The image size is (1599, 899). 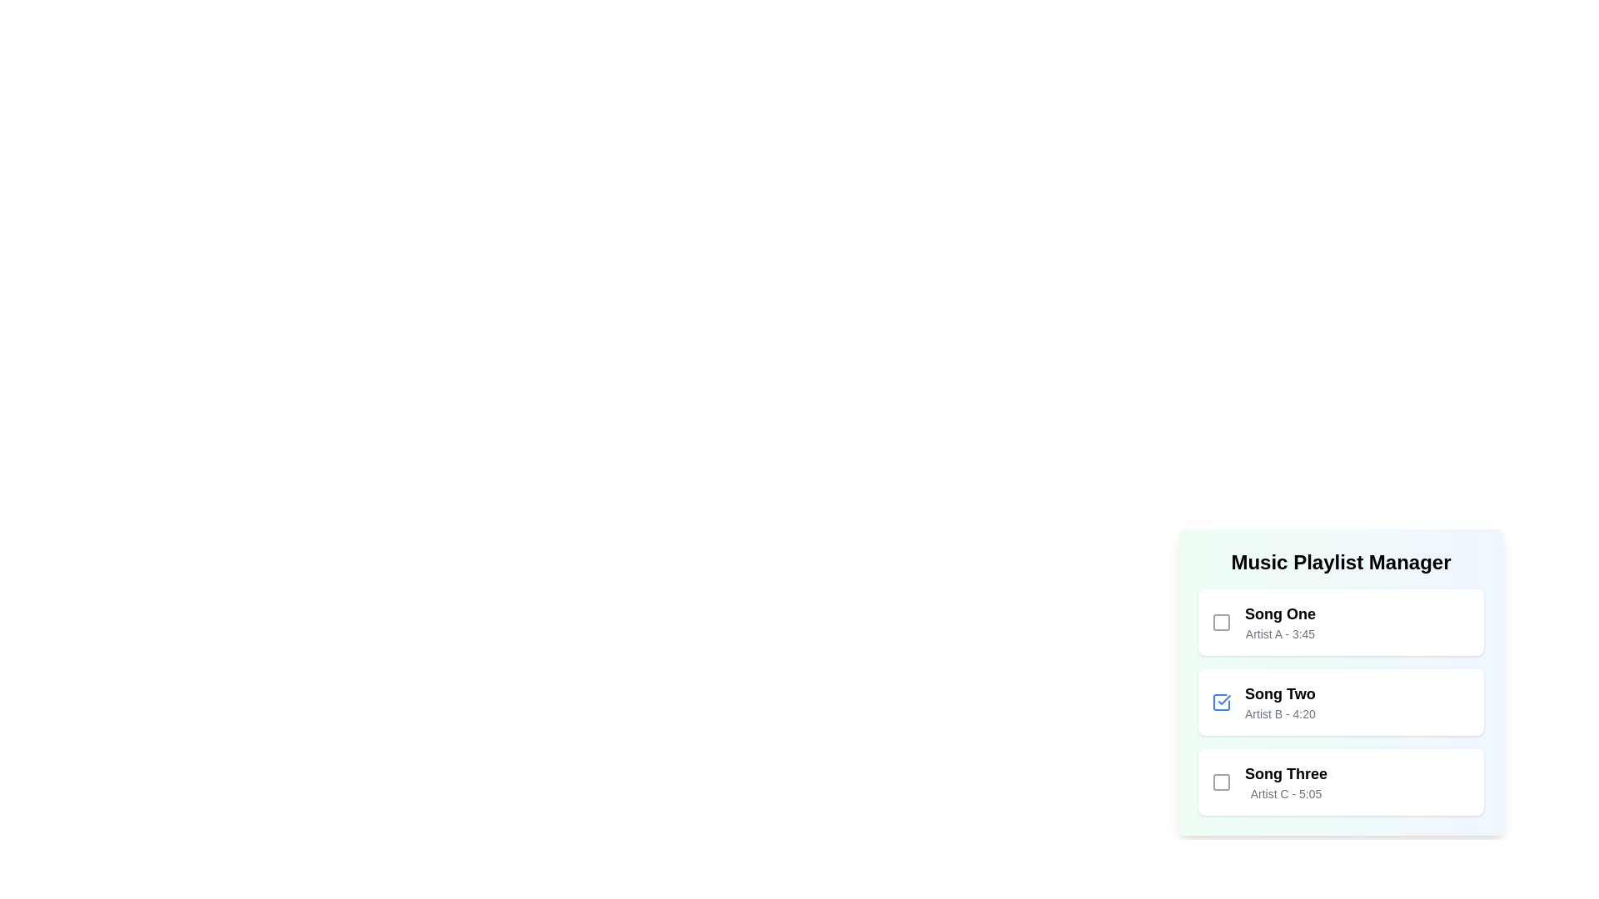 What do you see at coordinates (1222, 703) in the screenshot?
I see `the selectable checkbox with a blue outline and checkmark, which is part of the entry for 'Song Two' in the playlist` at bounding box center [1222, 703].